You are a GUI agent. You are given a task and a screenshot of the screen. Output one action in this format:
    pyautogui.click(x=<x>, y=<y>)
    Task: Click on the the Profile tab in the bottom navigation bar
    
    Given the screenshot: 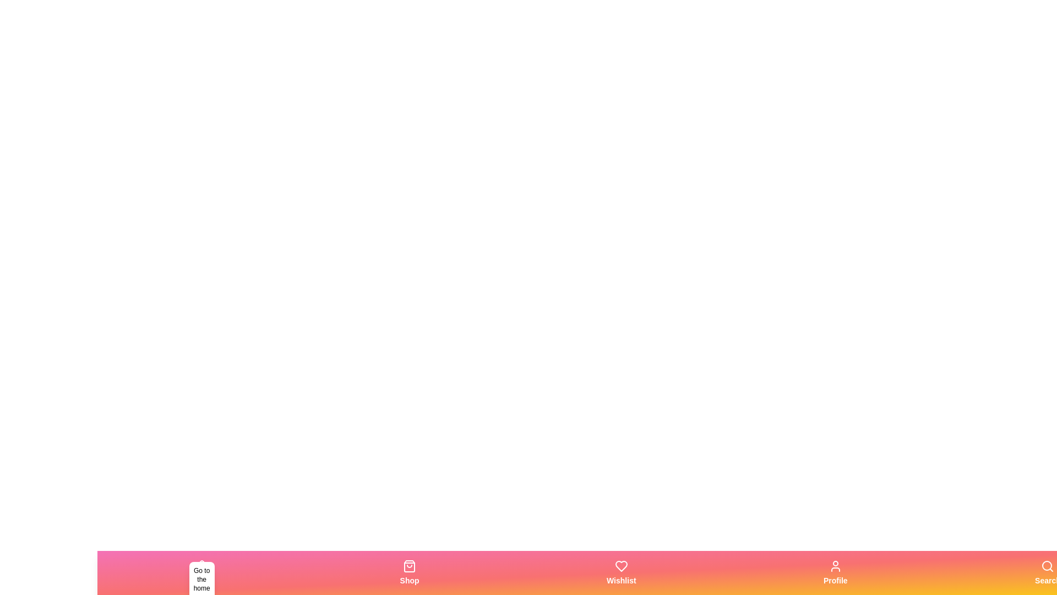 What is the action you would take?
    pyautogui.click(x=835, y=572)
    